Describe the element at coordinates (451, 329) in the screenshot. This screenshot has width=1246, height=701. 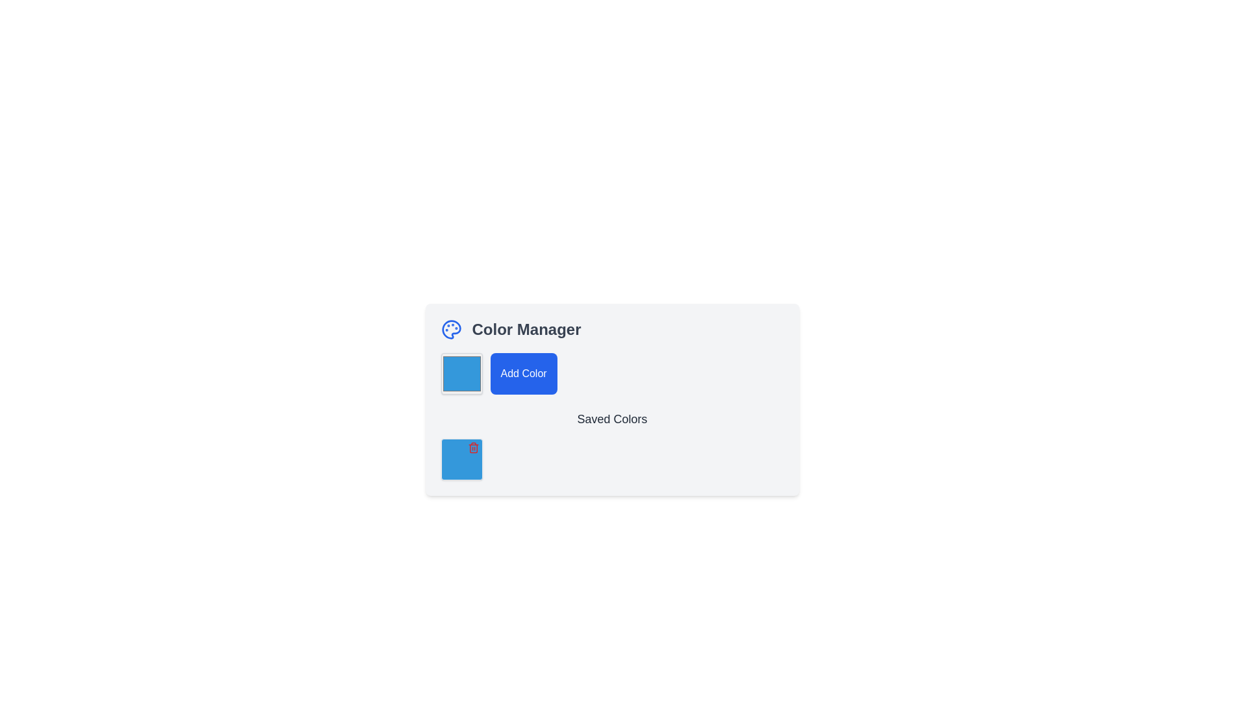
I see `the painter's palette icon located in the top-left quadrant adjacent to the 'Color Manager' title` at that location.